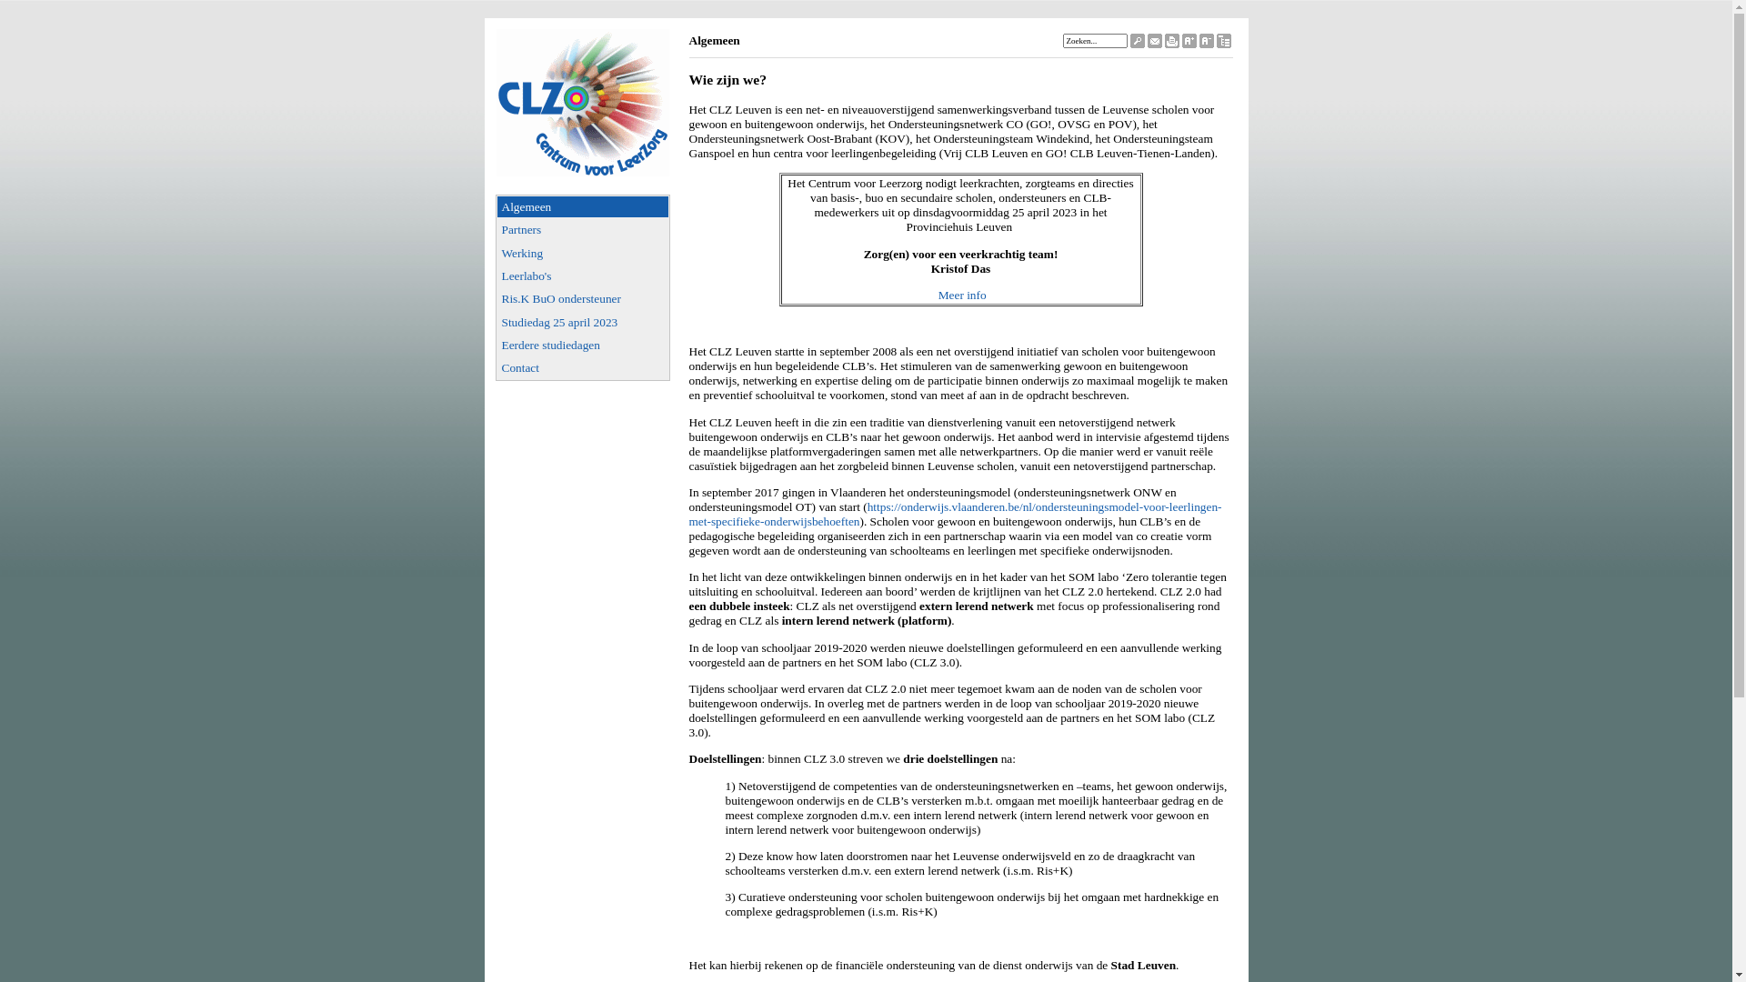 The height and width of the screenshot is (982, 1746). What do you see at coordinates (1154, 42) in the screenshot?
I see `'Verzend deze pagina naar uw email'` at bounding box center [1154, 42].